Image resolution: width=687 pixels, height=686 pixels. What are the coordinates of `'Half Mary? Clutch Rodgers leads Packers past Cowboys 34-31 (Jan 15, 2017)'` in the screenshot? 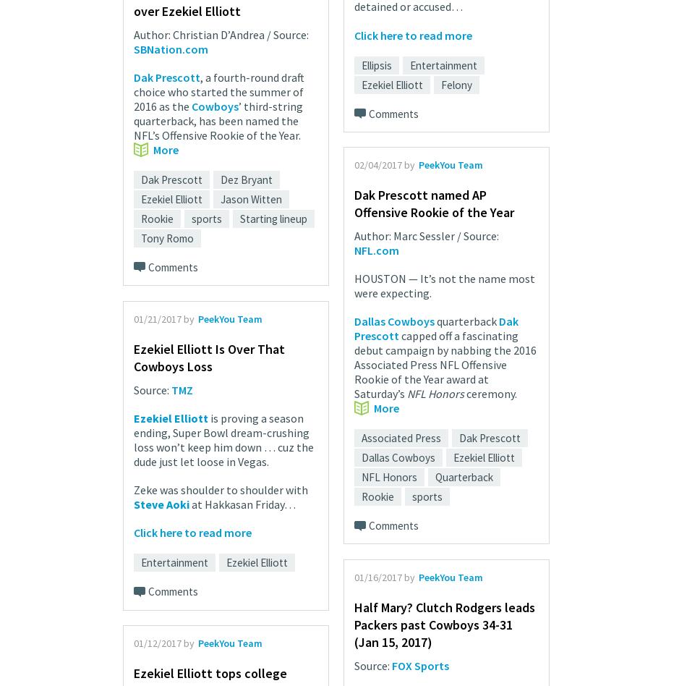 It's located at (354, 623).